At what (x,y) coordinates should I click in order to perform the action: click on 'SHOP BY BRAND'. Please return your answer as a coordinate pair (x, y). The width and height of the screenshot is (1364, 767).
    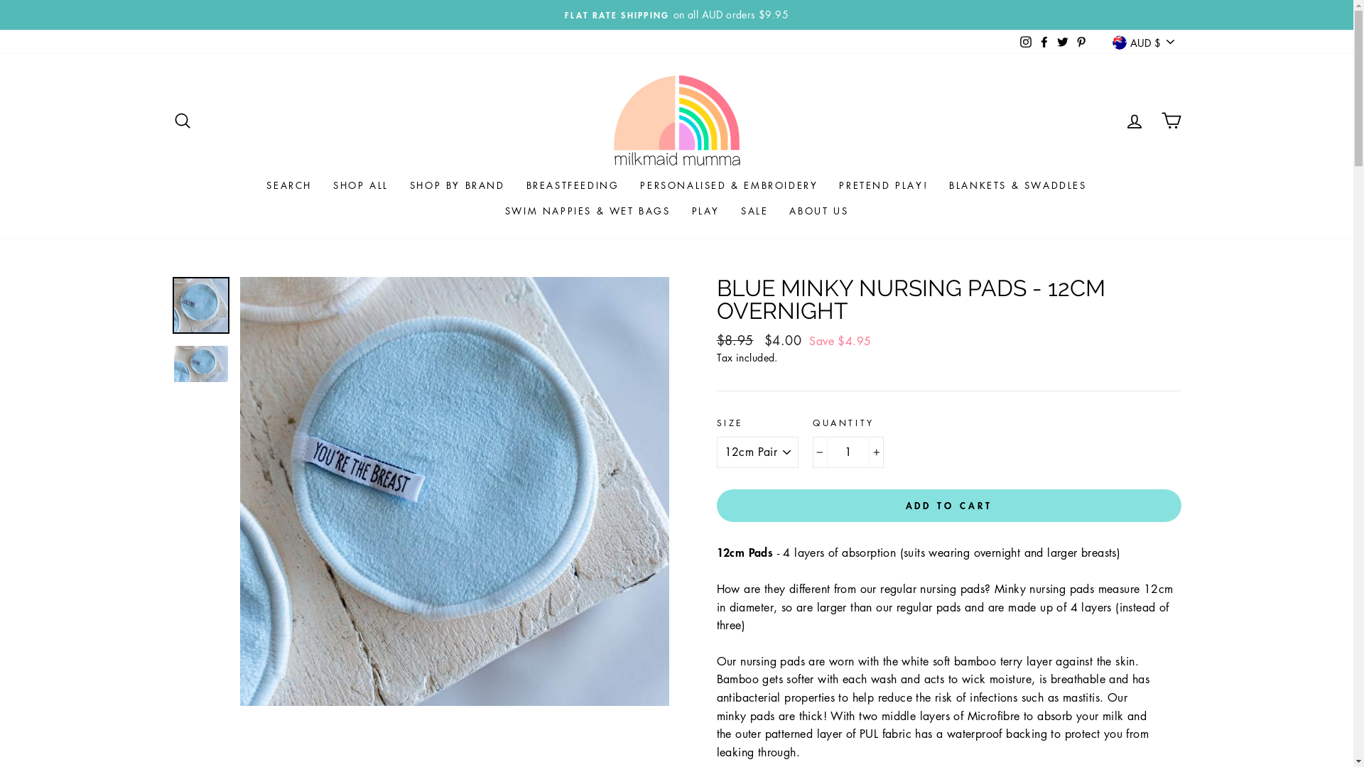
    Looking at the image, I should click on (457, 185).